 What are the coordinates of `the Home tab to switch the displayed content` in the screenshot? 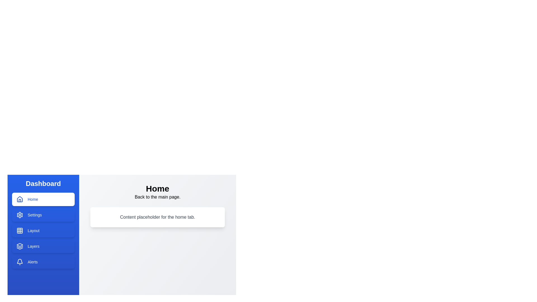 It's located at (43, 199).